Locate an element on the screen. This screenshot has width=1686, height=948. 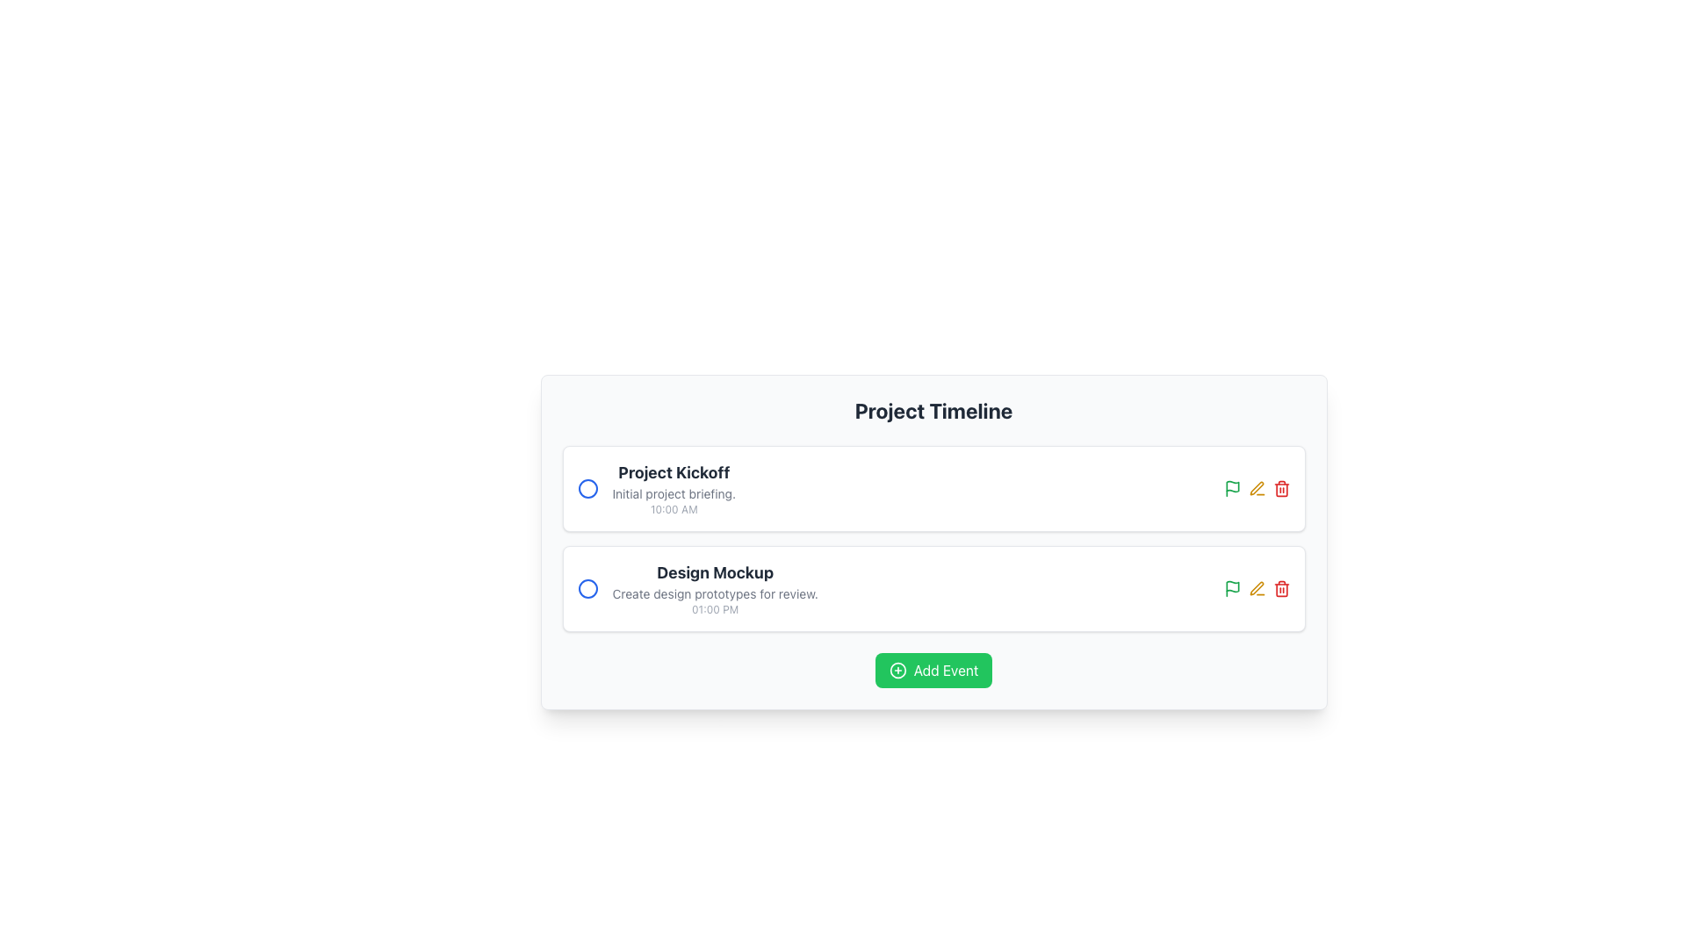
the title 'Project Kickoff' of the first list item with a circular blue-bordered icon is located at coordinates (655, 488).